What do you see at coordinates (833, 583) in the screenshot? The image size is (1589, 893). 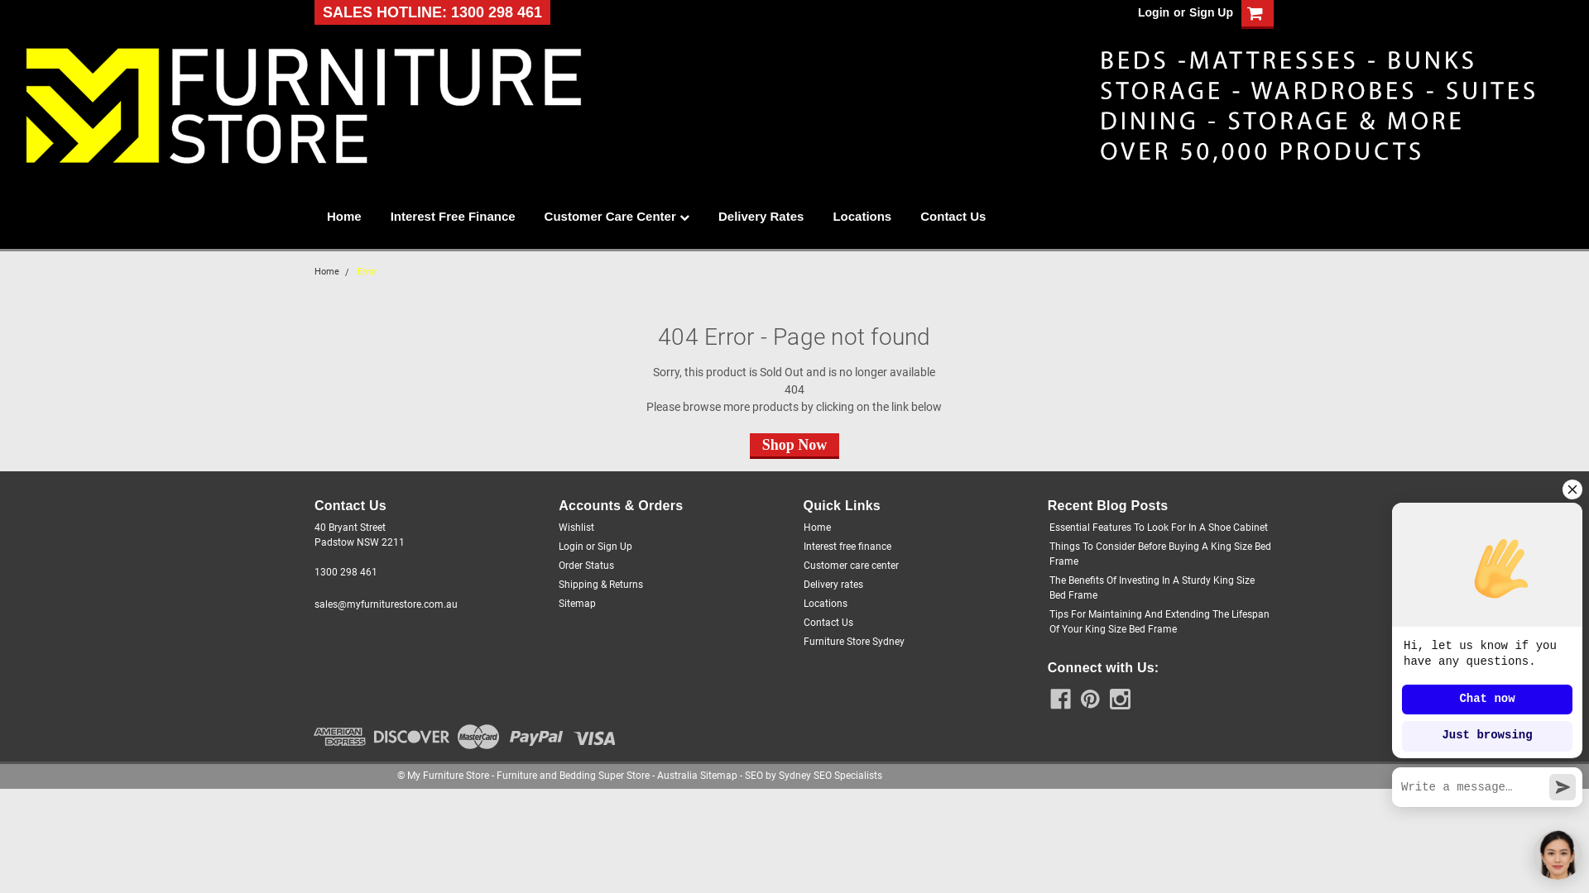 I see `'Delivery rates'` at bounding box center [833, 583].